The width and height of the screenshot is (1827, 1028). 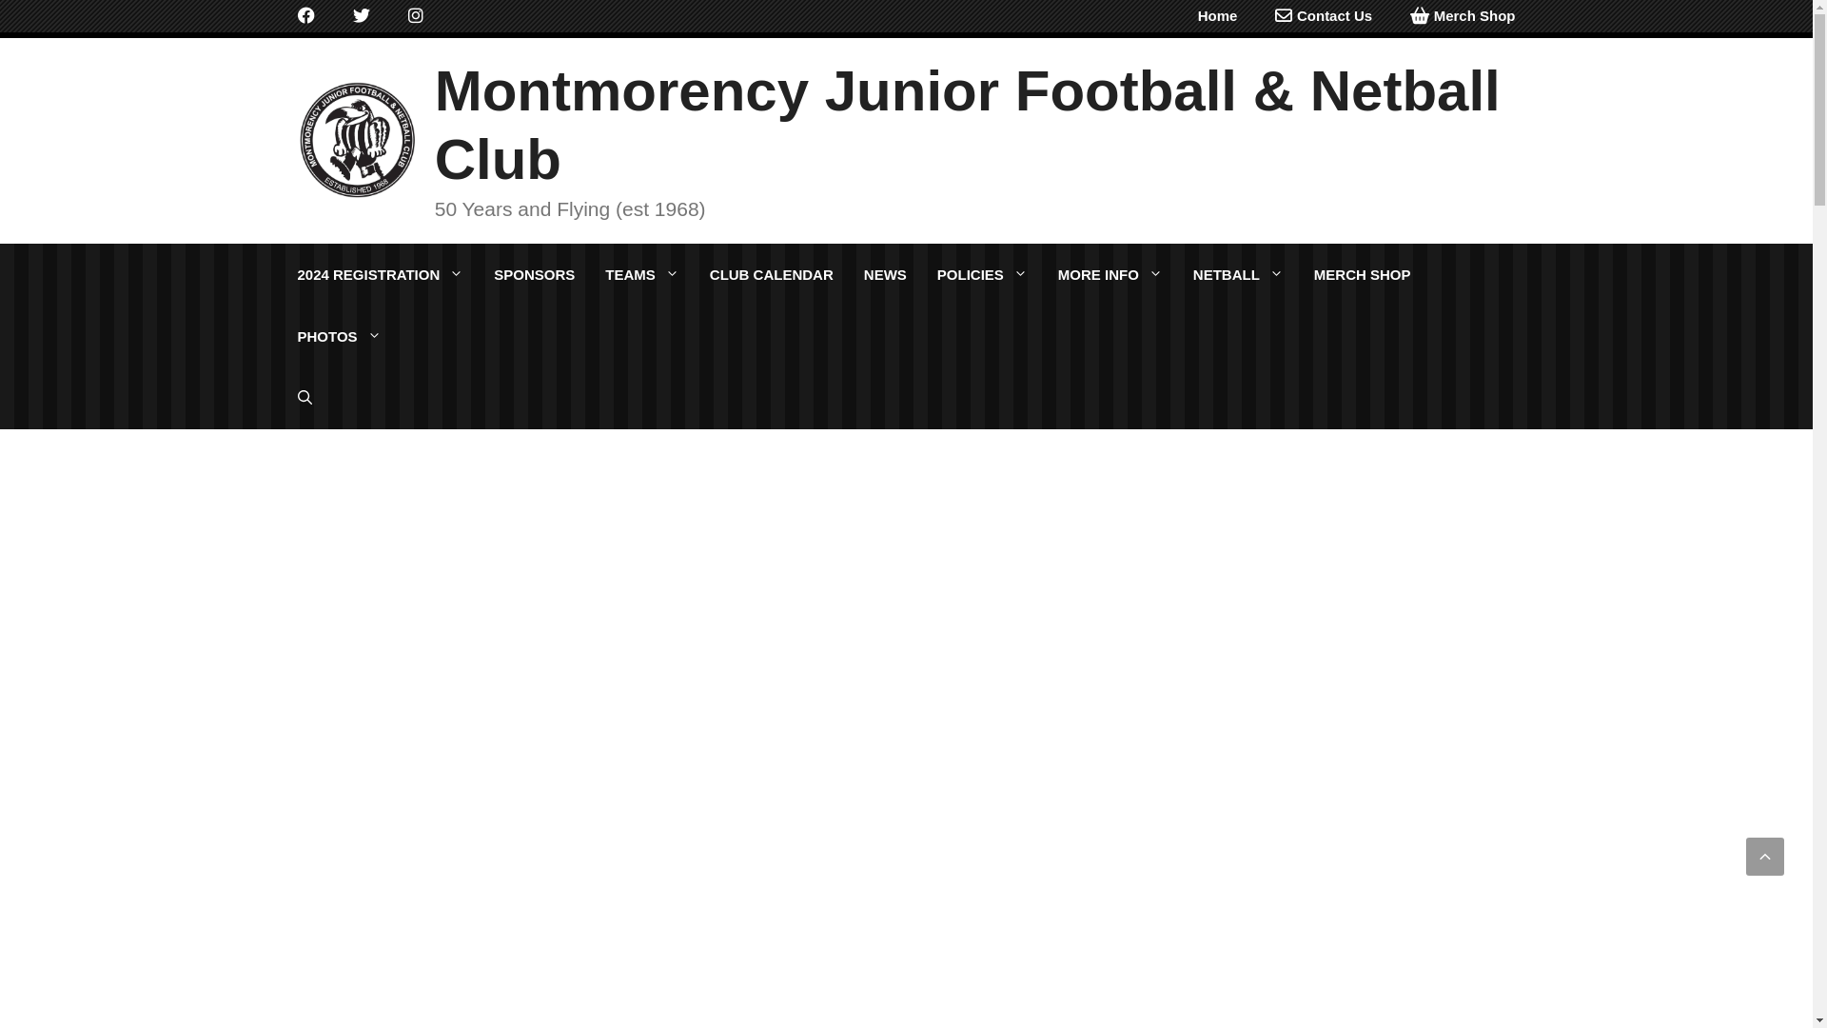 What do you see at coordinates (982, 274) in the screenshot?
I see `'POLICIES'` at bounding box center [982, 274].